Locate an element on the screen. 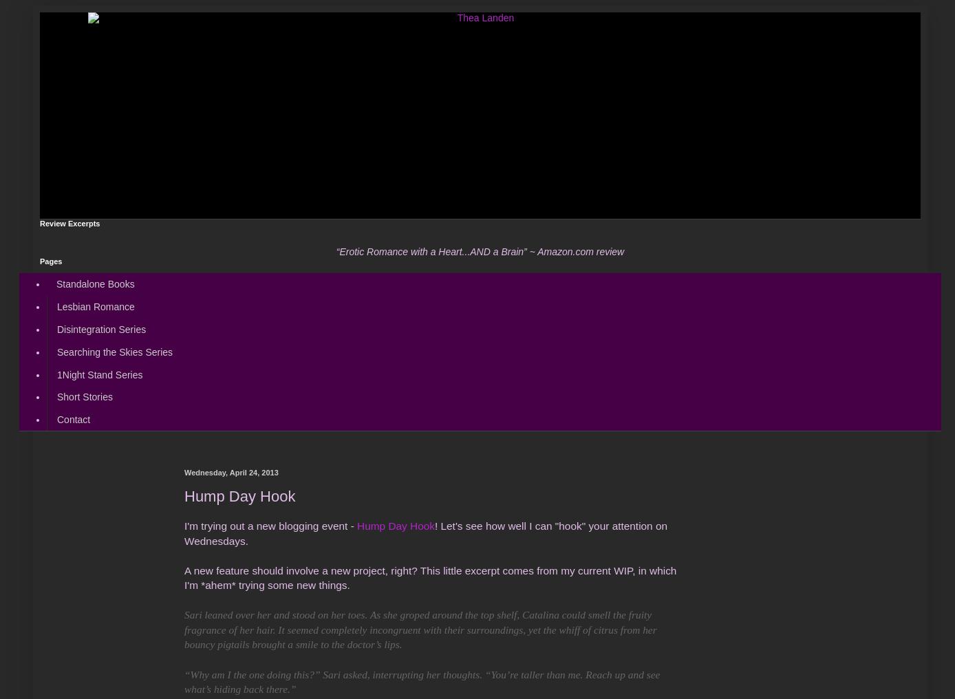 The image size is (955, 699). '! Let's see how well I can "hook" your attention on Wednesdays.' is located at coordinates (184, 532).